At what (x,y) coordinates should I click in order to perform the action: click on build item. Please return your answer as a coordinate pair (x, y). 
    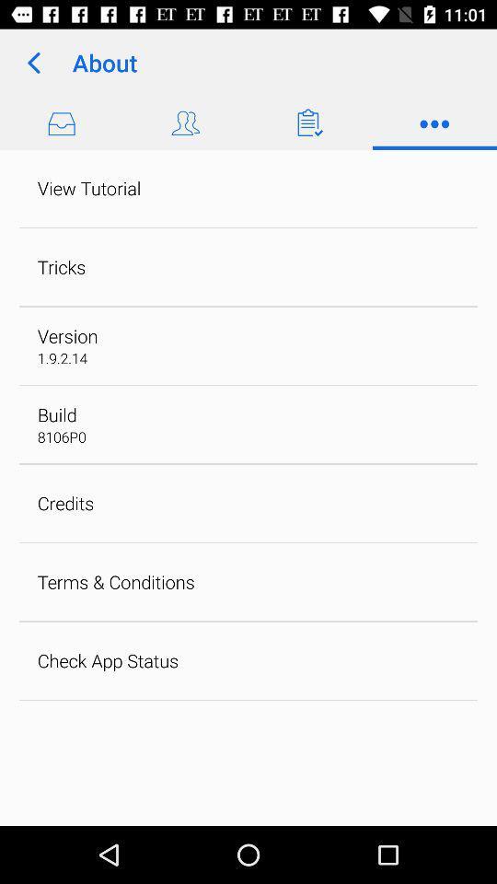
    Looking at the image, I should click on (57, 414).